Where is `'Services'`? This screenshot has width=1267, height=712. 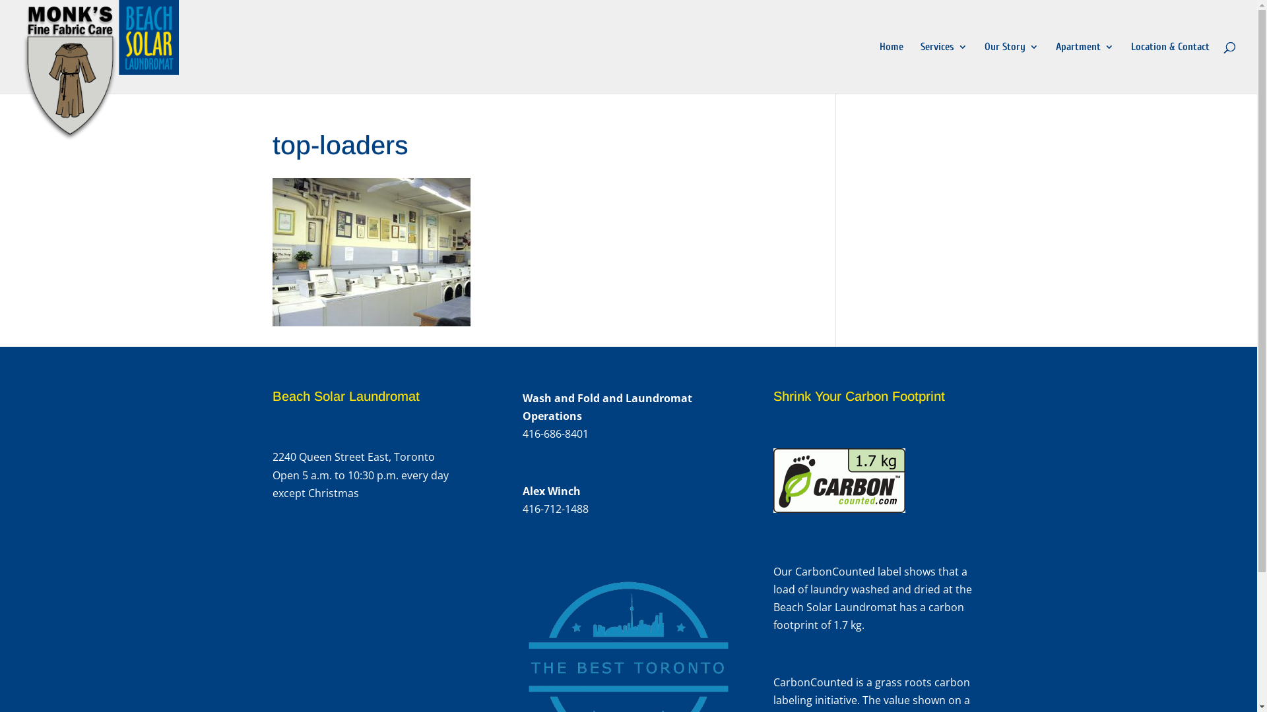
'Services' is located at coordinates (943, 68).